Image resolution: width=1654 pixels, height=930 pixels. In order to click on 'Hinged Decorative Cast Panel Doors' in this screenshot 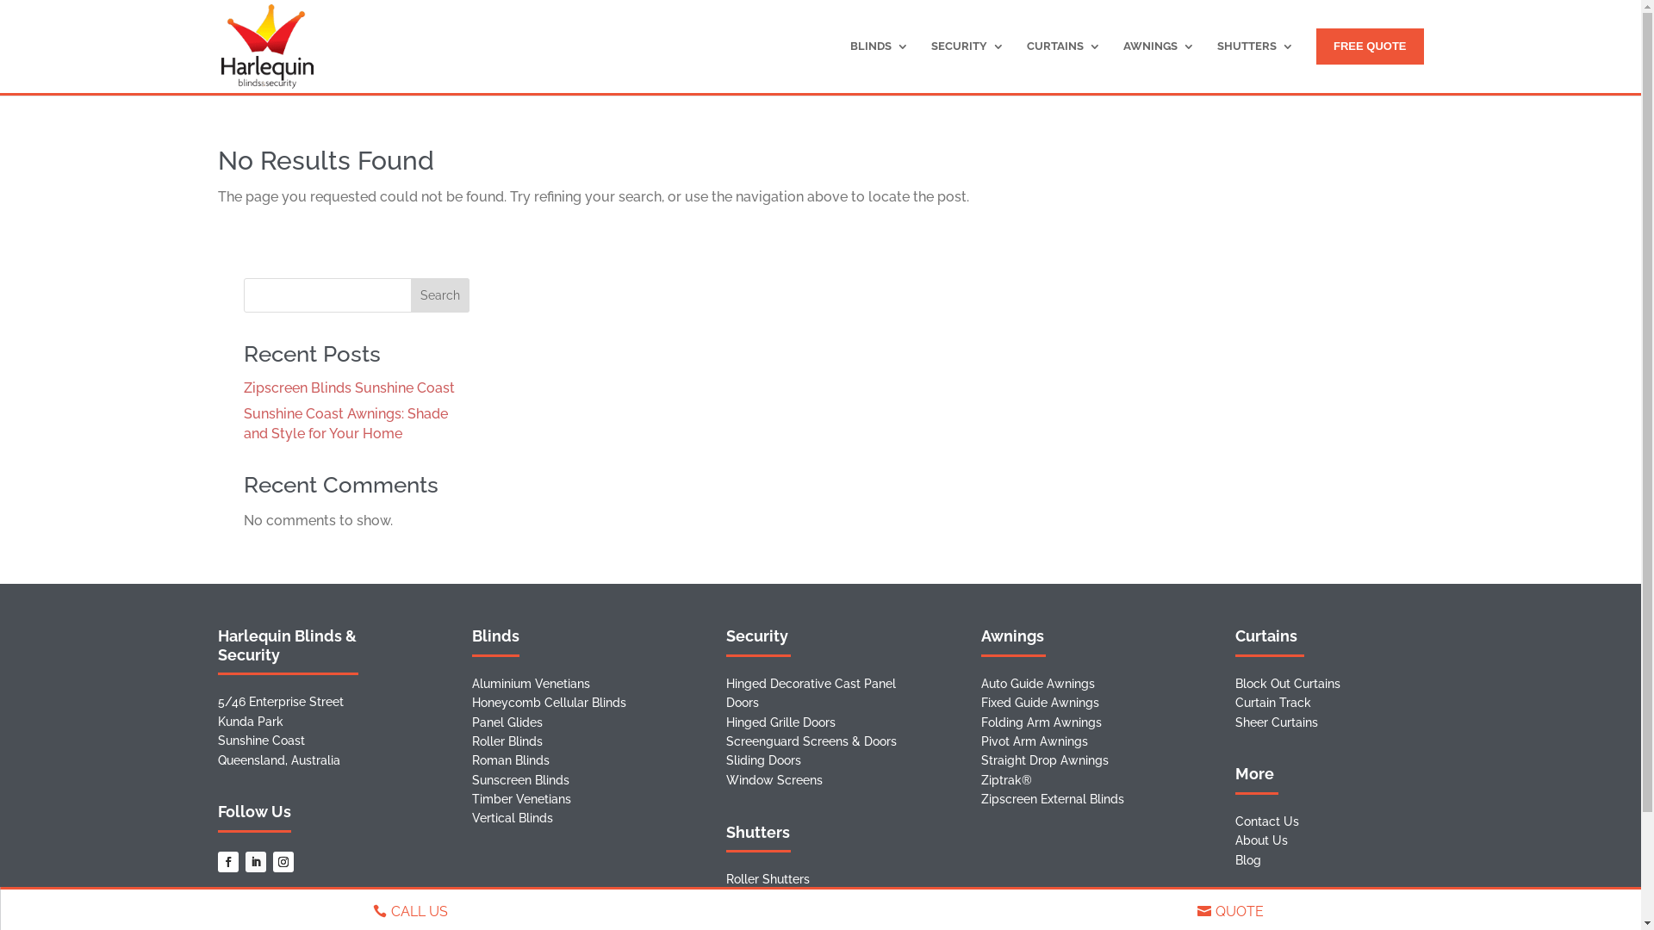, I will do `click(726, 692)`.